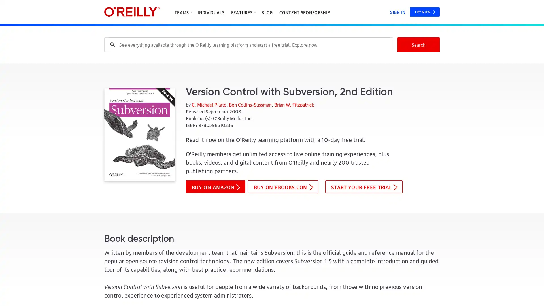 Image resolution: width=544 pixels, height=306 pixels. What do you see at coordinates (418, 44) in the screenshot?
I see `Search` at bounding box center [418, 44].